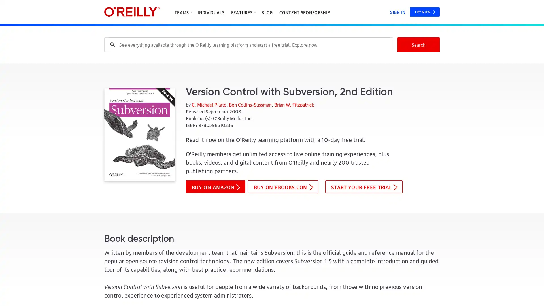 Image resolution: width=544 pixels, height=306 pixels. What do you see at coordinates (418, 44) in the screenshot?
I see `Search` at bounding box center [418, 44].